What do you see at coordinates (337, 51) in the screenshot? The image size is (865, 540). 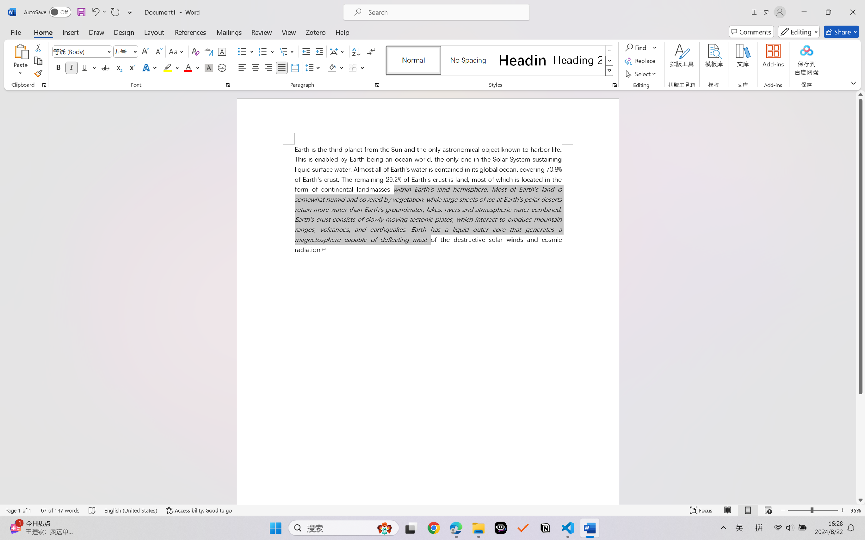 I see `'Asian Layout'` at bounding box center [337, 51].